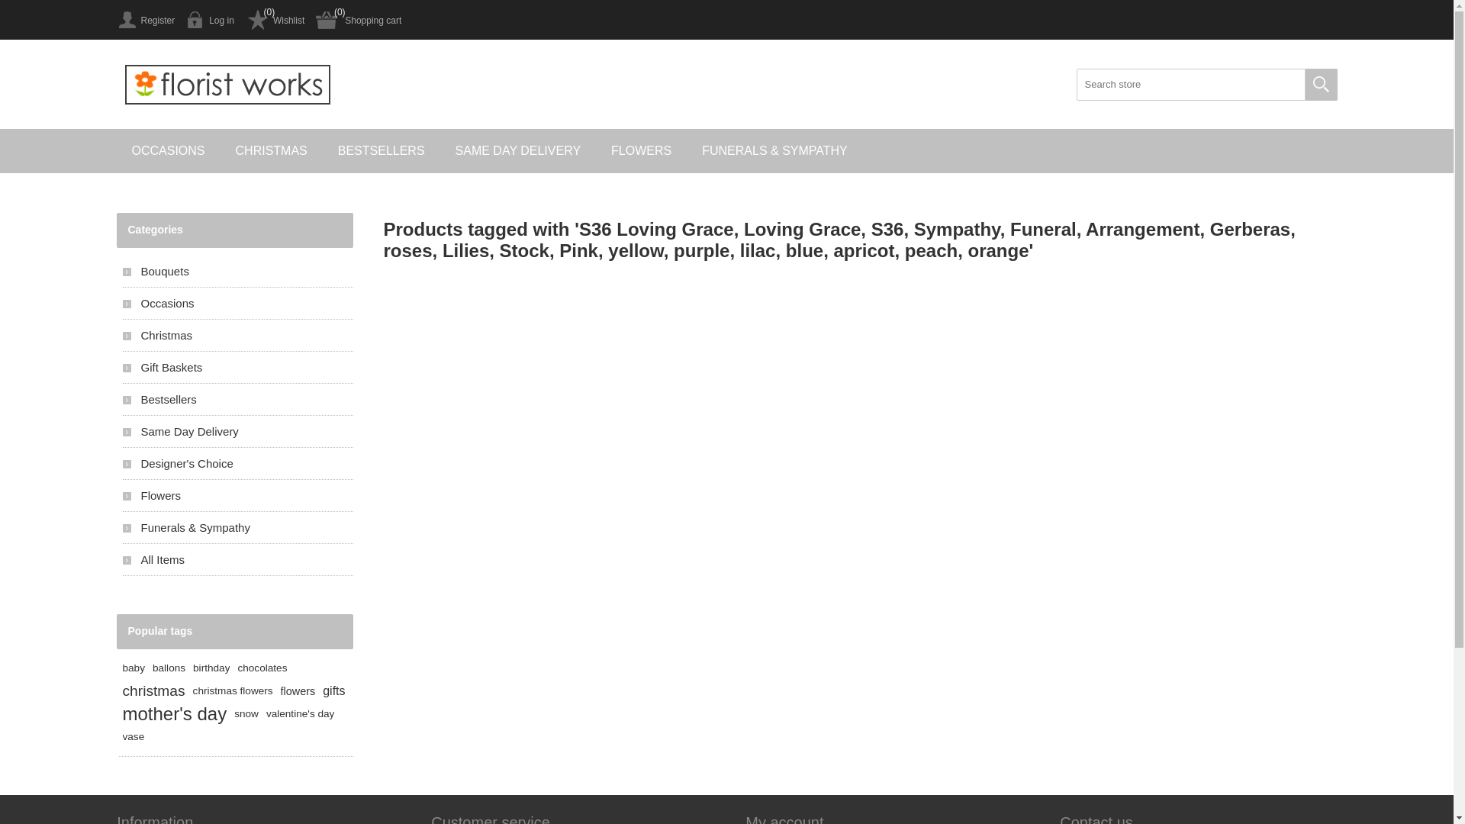  What do you see at coordinates (314, 20) in the screenshot?
I see `'Shopping cart'` at bounding box center [314, 20].